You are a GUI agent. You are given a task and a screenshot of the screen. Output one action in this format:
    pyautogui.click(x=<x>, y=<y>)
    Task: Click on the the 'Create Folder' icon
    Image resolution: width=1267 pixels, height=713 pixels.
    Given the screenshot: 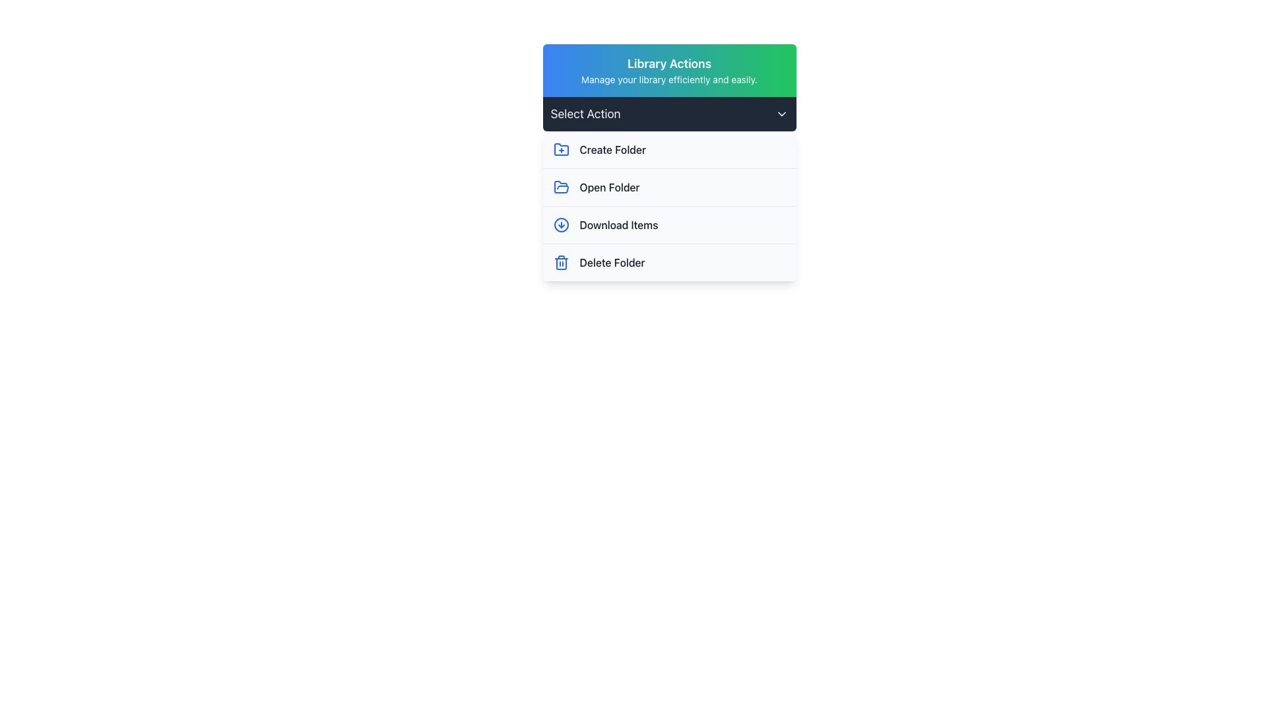 What is the action you would take?
    pyautogui.click(x=561, y=149)
    